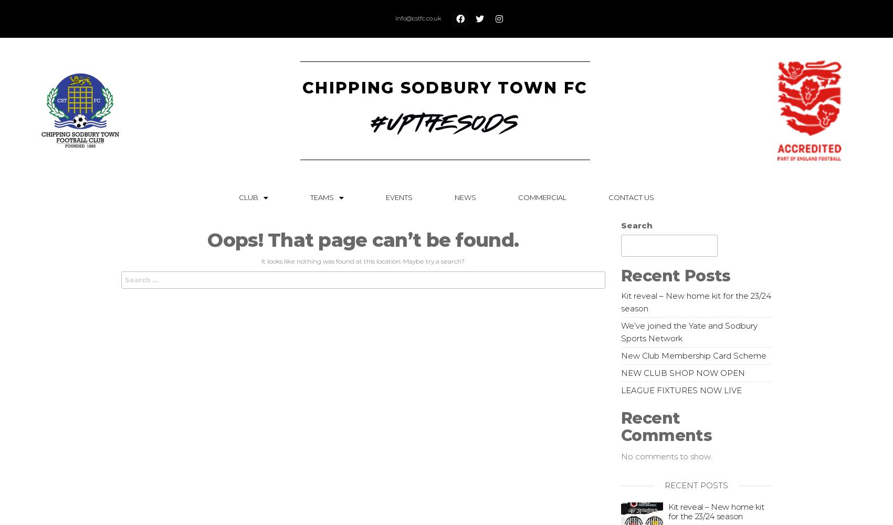 The image size is (893, 525). I want to click on 'Commercial', so click(542, 197).